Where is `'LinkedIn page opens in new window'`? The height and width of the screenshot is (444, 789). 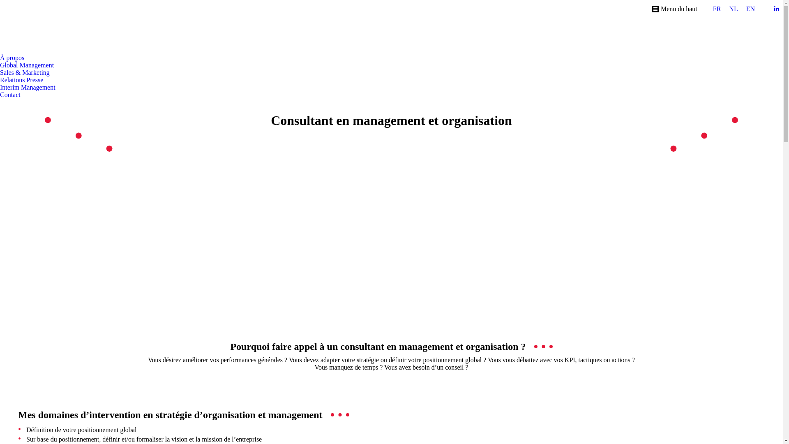
'LinkedIn page opens in new window' is located at coordinates (771, 9).